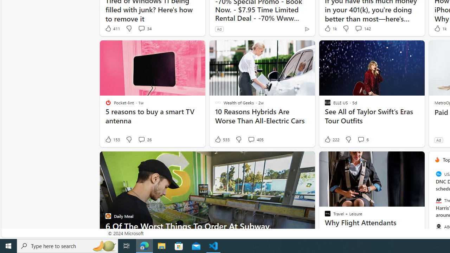 The height and width of the screenshot is (253, 450). Describe the element at coordinates (255, 140) in the screenshot. I see `'View comments 405 Comment'` at that location.